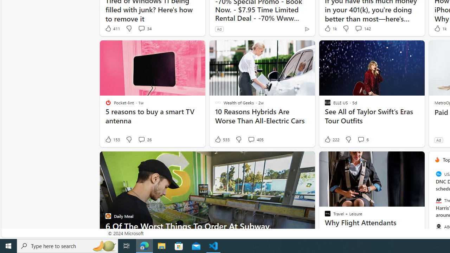 The height and width of the screenshot is (253, 450). Describe the element at coordinates (255, 140) in the screenshot. I see `'View comments 405 Comment'` at that location.